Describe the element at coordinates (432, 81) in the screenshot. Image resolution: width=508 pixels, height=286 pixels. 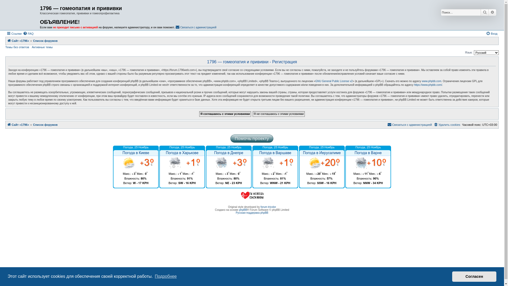
I see `'www.phpbb.com'` at that location.